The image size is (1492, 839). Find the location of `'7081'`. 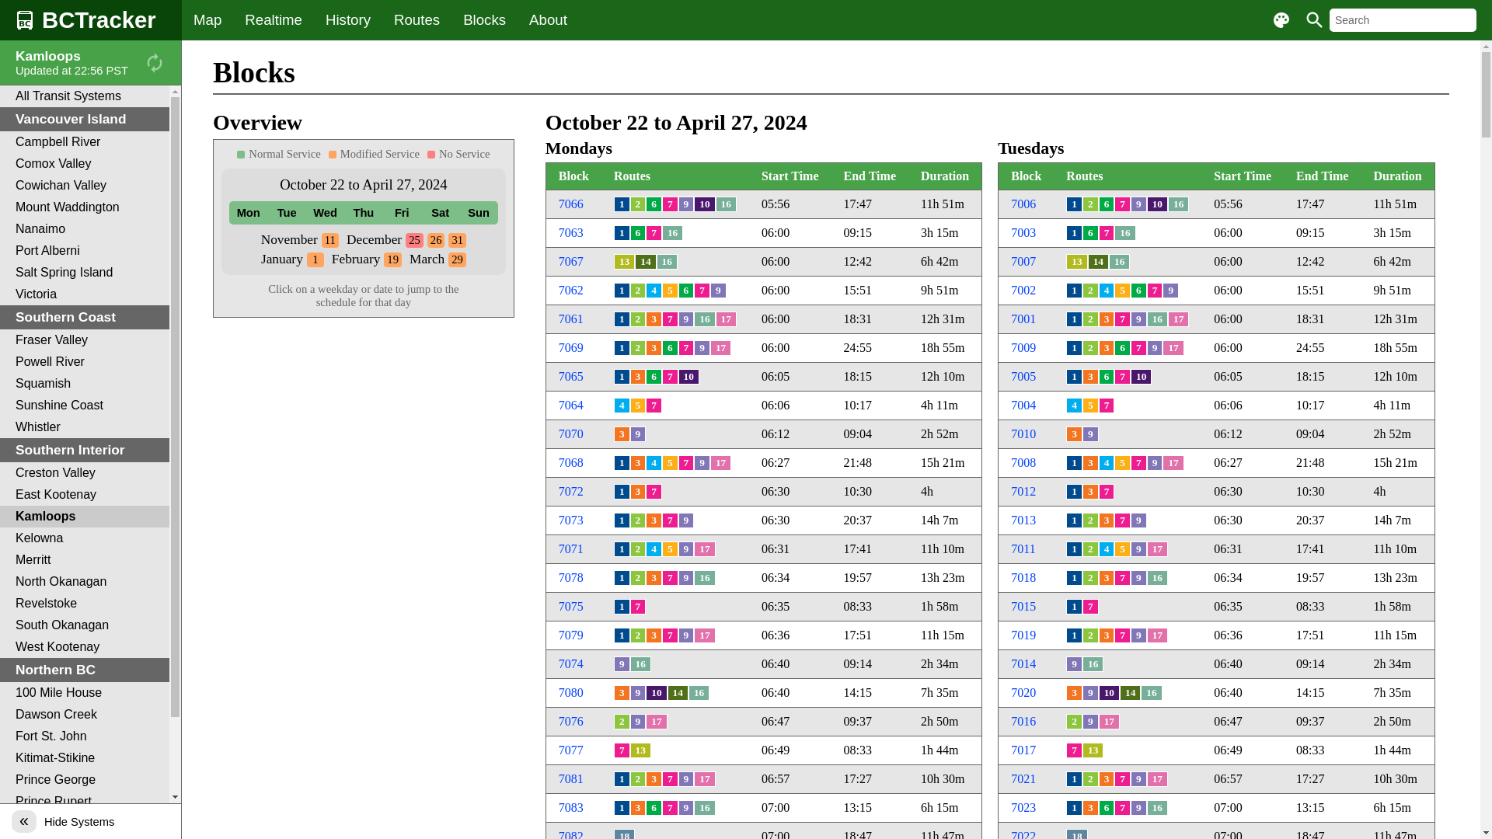

'7081' is located at coordinates (570, 778).